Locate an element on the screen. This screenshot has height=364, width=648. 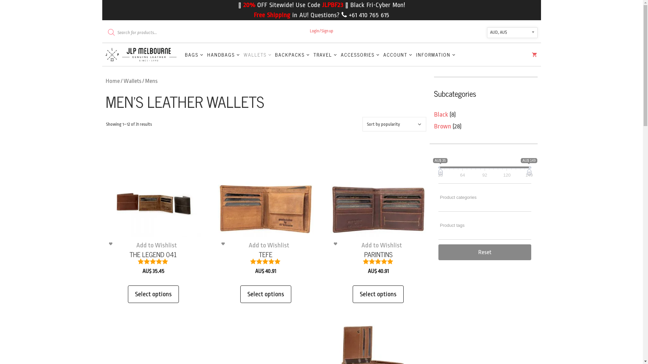
'BACKPACKS' is located at coordinates (273, 54).